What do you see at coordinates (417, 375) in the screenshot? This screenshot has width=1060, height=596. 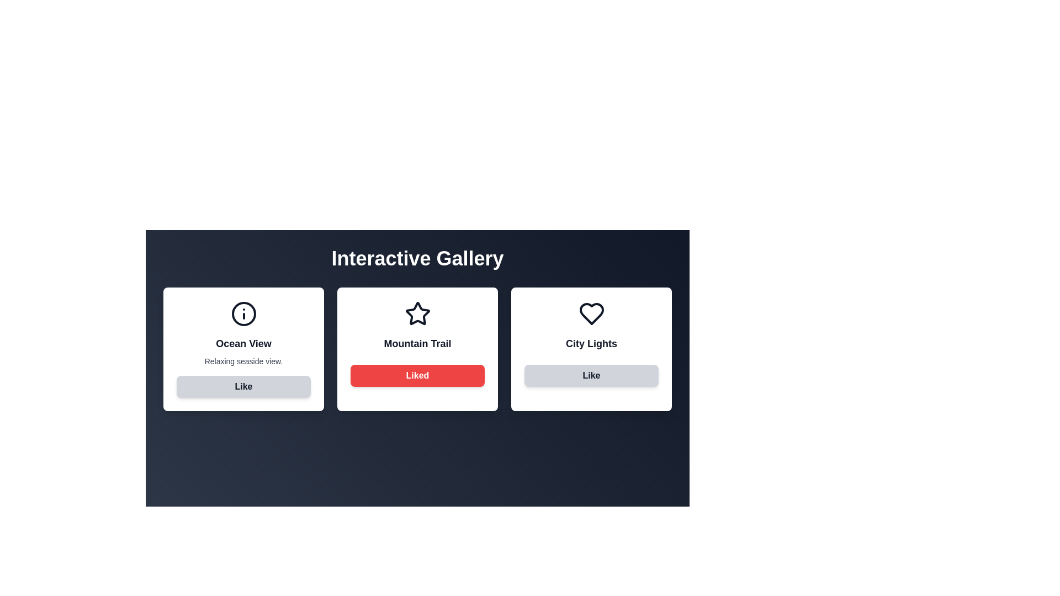 I see `the prominent red button labeled 'Liked'` at bounding box center [417, 375].